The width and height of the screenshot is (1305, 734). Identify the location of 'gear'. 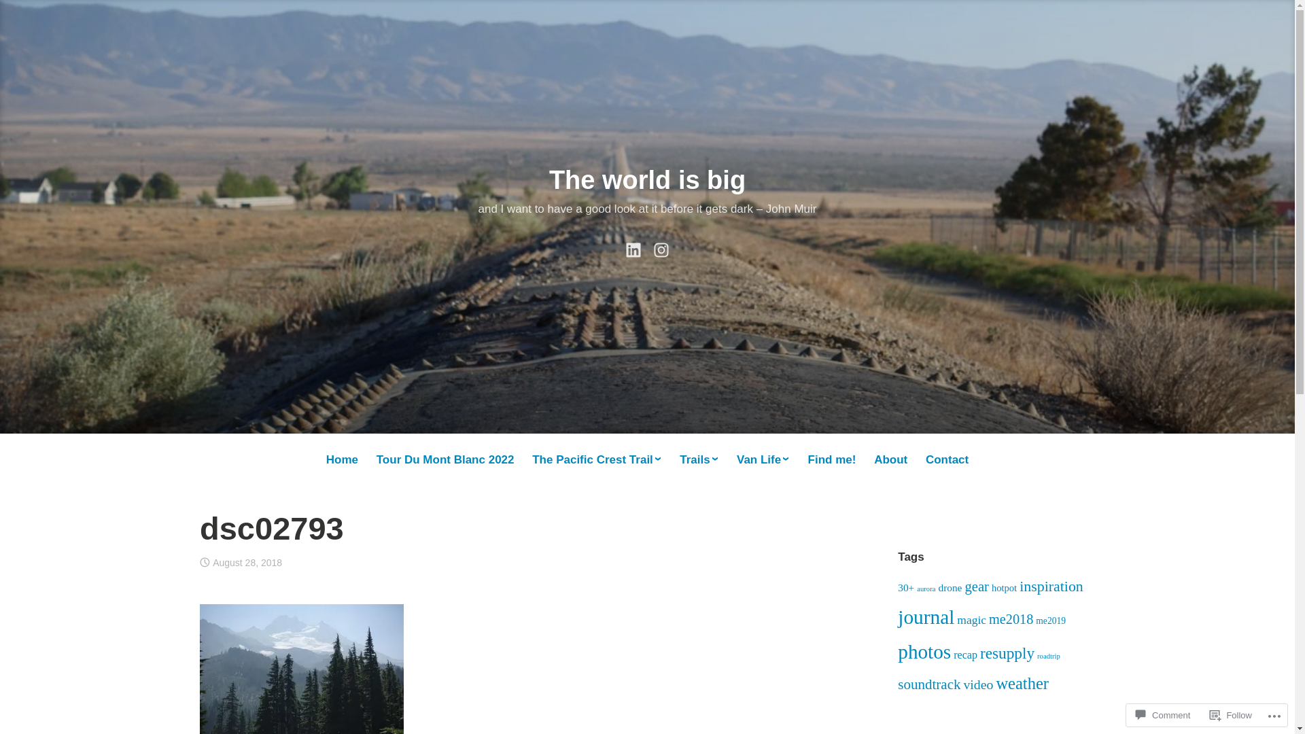
(975, 586).